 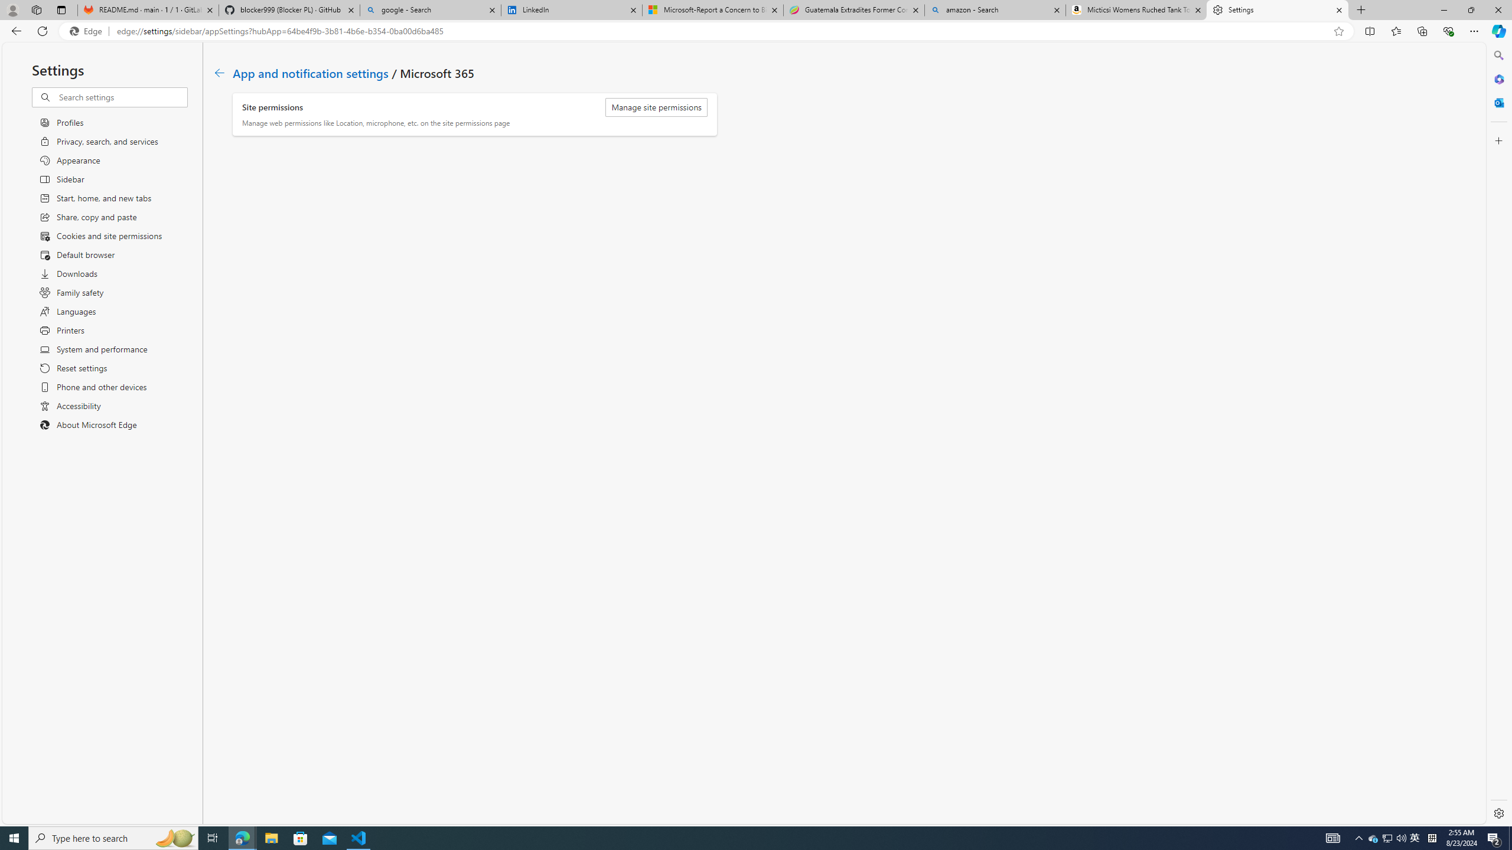 I want to click on 'Manage site permissions', so click(x=656, y=107).